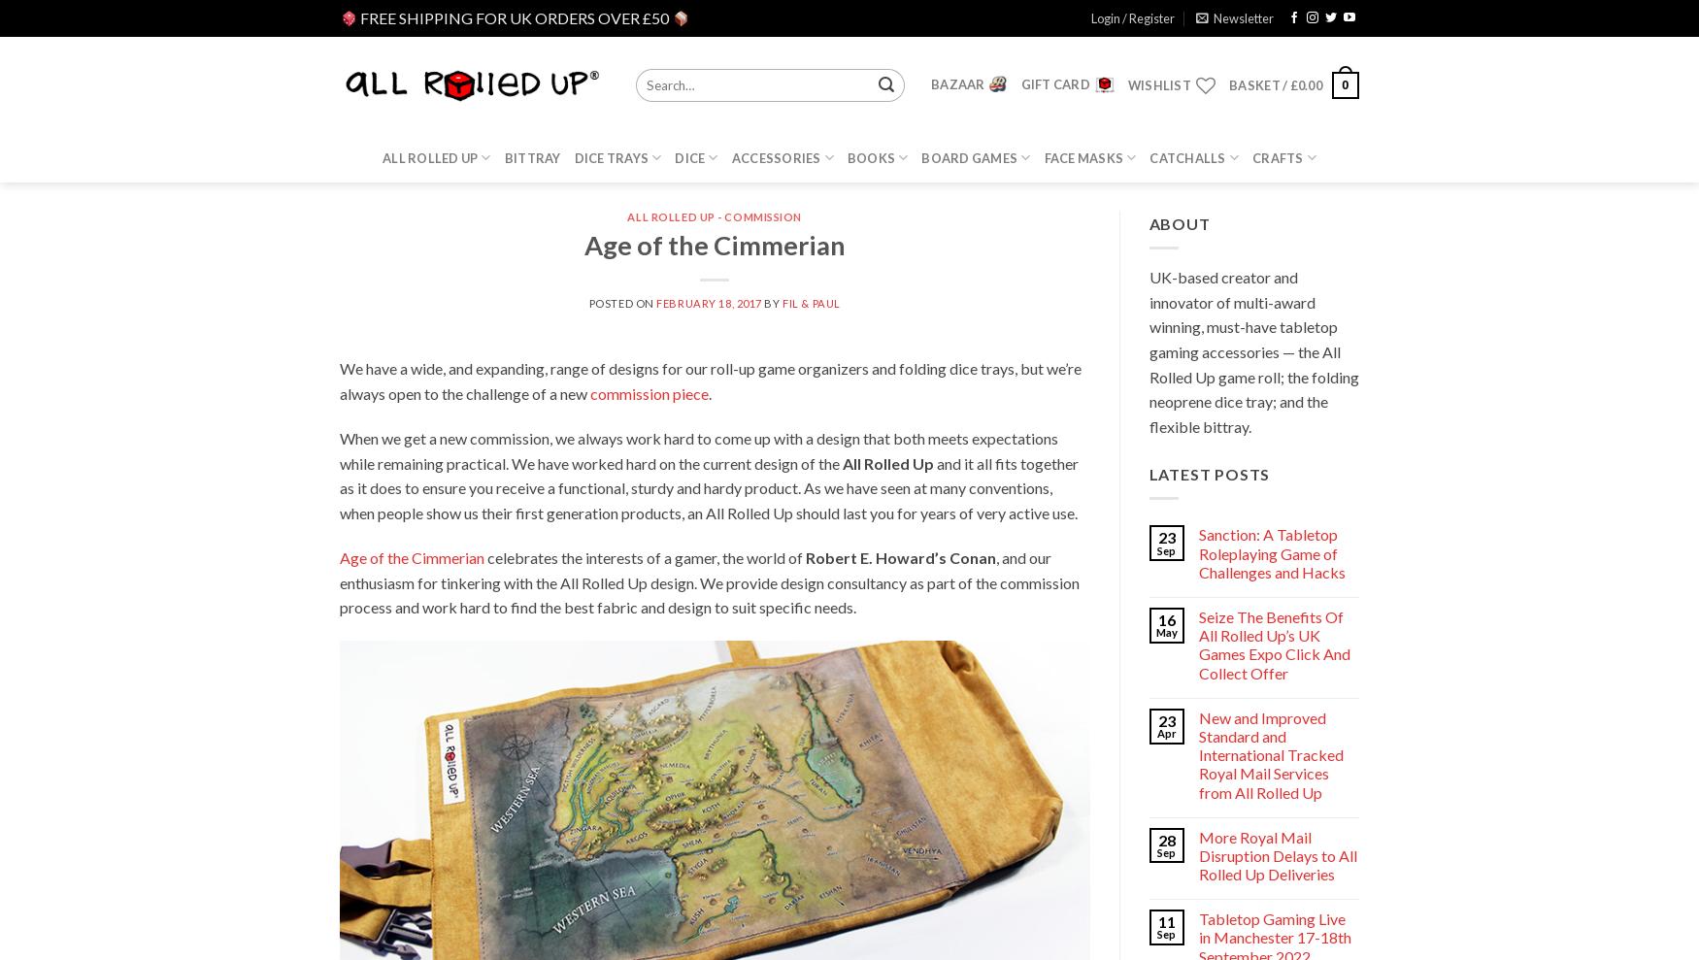 The image size is (1699, 960). What do you see at coordinates (1209, 473) in the screenshot?
I see `'Latest Posts'` at bounding box center [1209, 473].